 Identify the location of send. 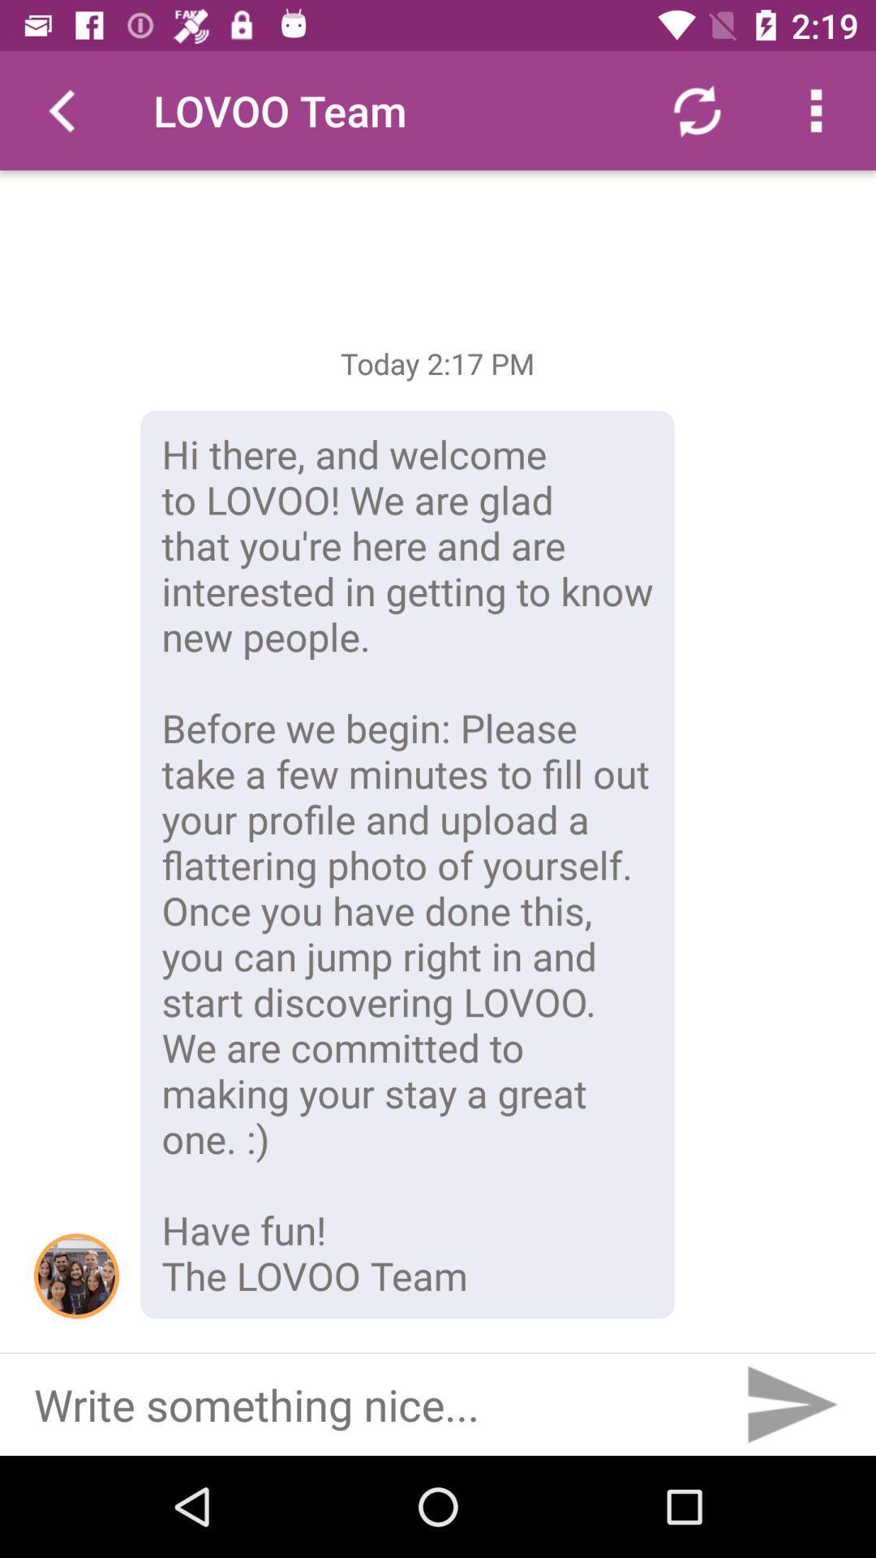
(790, 1404).